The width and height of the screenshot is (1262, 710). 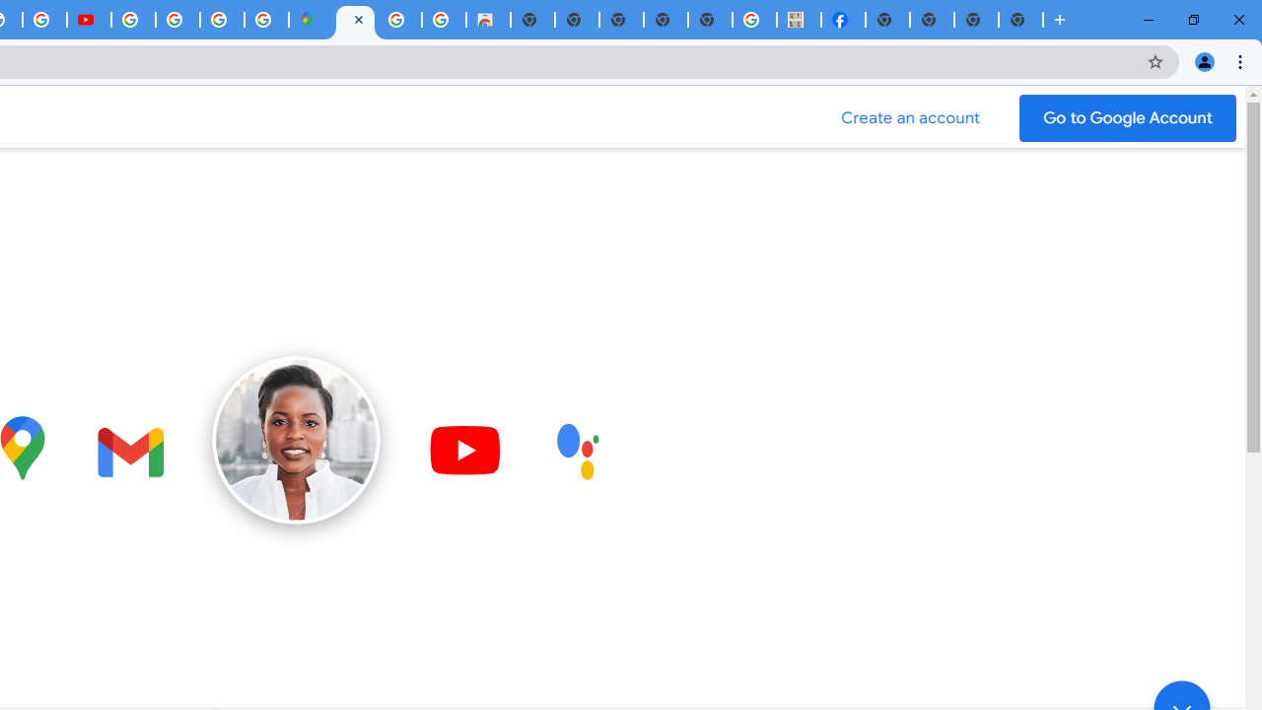 What do you see at coordinates (886, 20) in the screenshot?
I see `'New Tab'` at bounding box center [886, 20].